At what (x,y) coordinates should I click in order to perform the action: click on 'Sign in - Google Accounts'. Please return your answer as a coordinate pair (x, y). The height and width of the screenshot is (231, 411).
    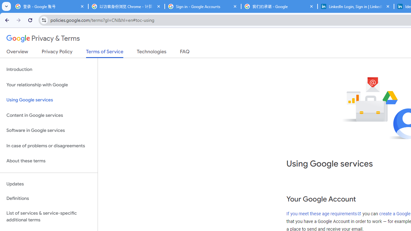
    Looking at the image, I should click on (203, 6).